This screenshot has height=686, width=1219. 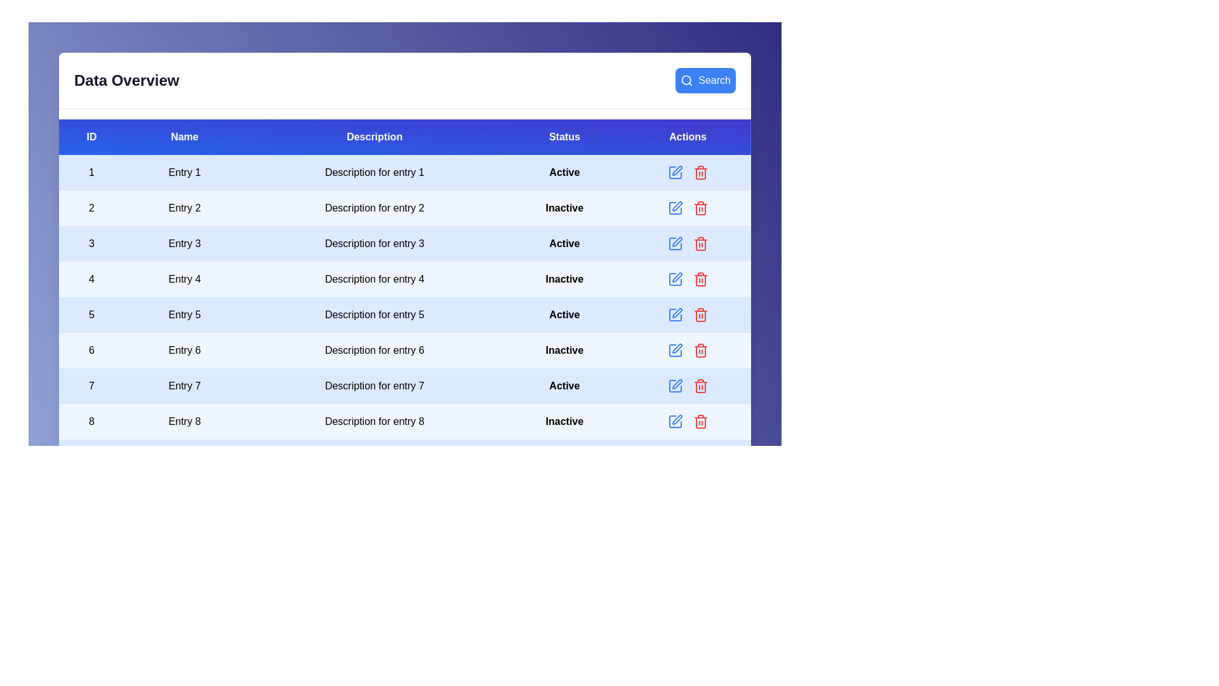 I want to click on the header of the column 'Name' to sort it, so click(x=183, y=137).